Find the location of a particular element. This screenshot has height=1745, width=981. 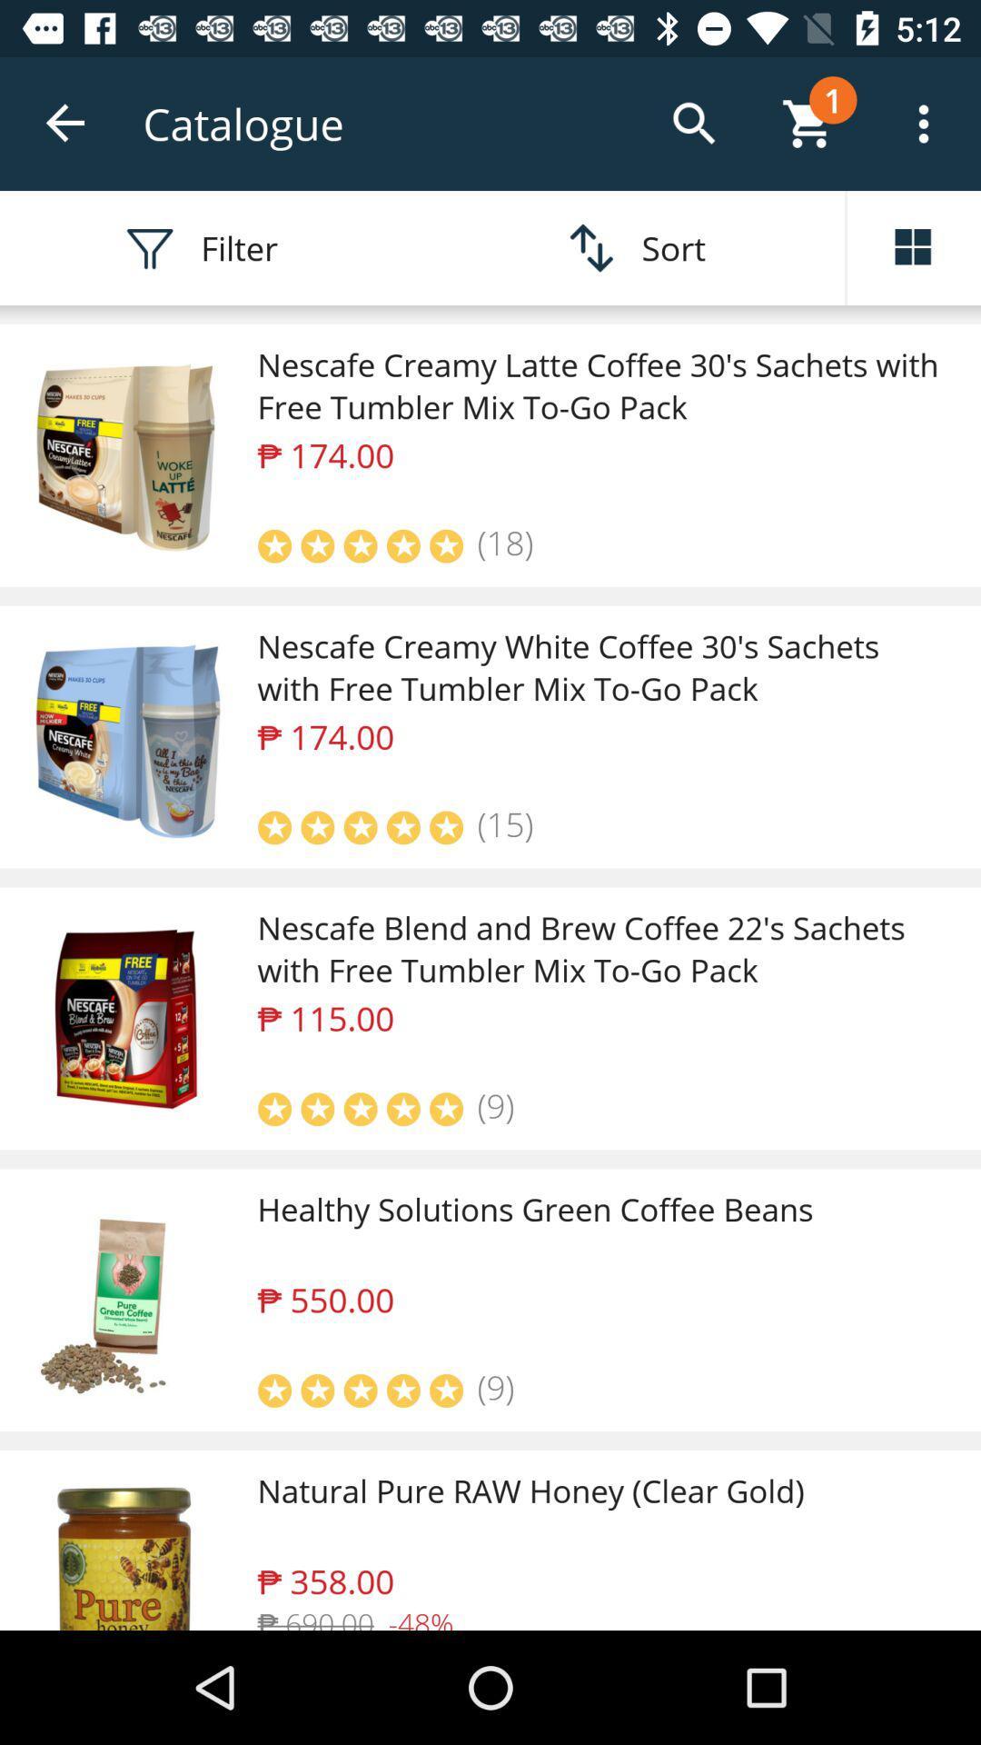

show elements in squares is located at coordinates (914, 247).